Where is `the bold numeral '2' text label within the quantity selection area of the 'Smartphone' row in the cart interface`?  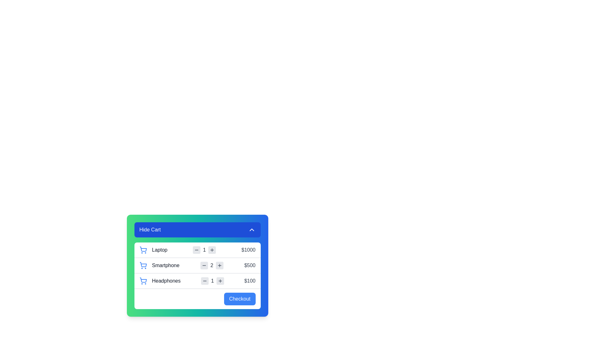
the bold numeral '2' text label within the quantity selection area of the 'Smartphone' row in the cart interface is located at coordinates (212, 265).